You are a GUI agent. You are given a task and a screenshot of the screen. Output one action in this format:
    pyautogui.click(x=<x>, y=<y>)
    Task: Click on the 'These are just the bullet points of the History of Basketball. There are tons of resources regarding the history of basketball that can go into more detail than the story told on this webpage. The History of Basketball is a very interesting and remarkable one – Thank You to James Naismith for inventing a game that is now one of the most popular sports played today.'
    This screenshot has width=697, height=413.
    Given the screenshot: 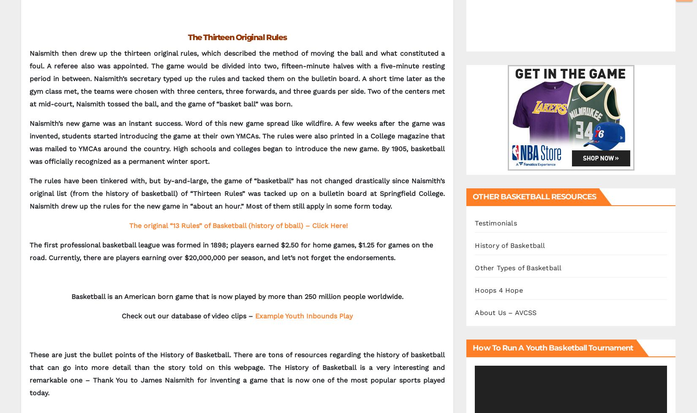 What is the action you would take?
    pyautogui.click(x=237, y=373)
    